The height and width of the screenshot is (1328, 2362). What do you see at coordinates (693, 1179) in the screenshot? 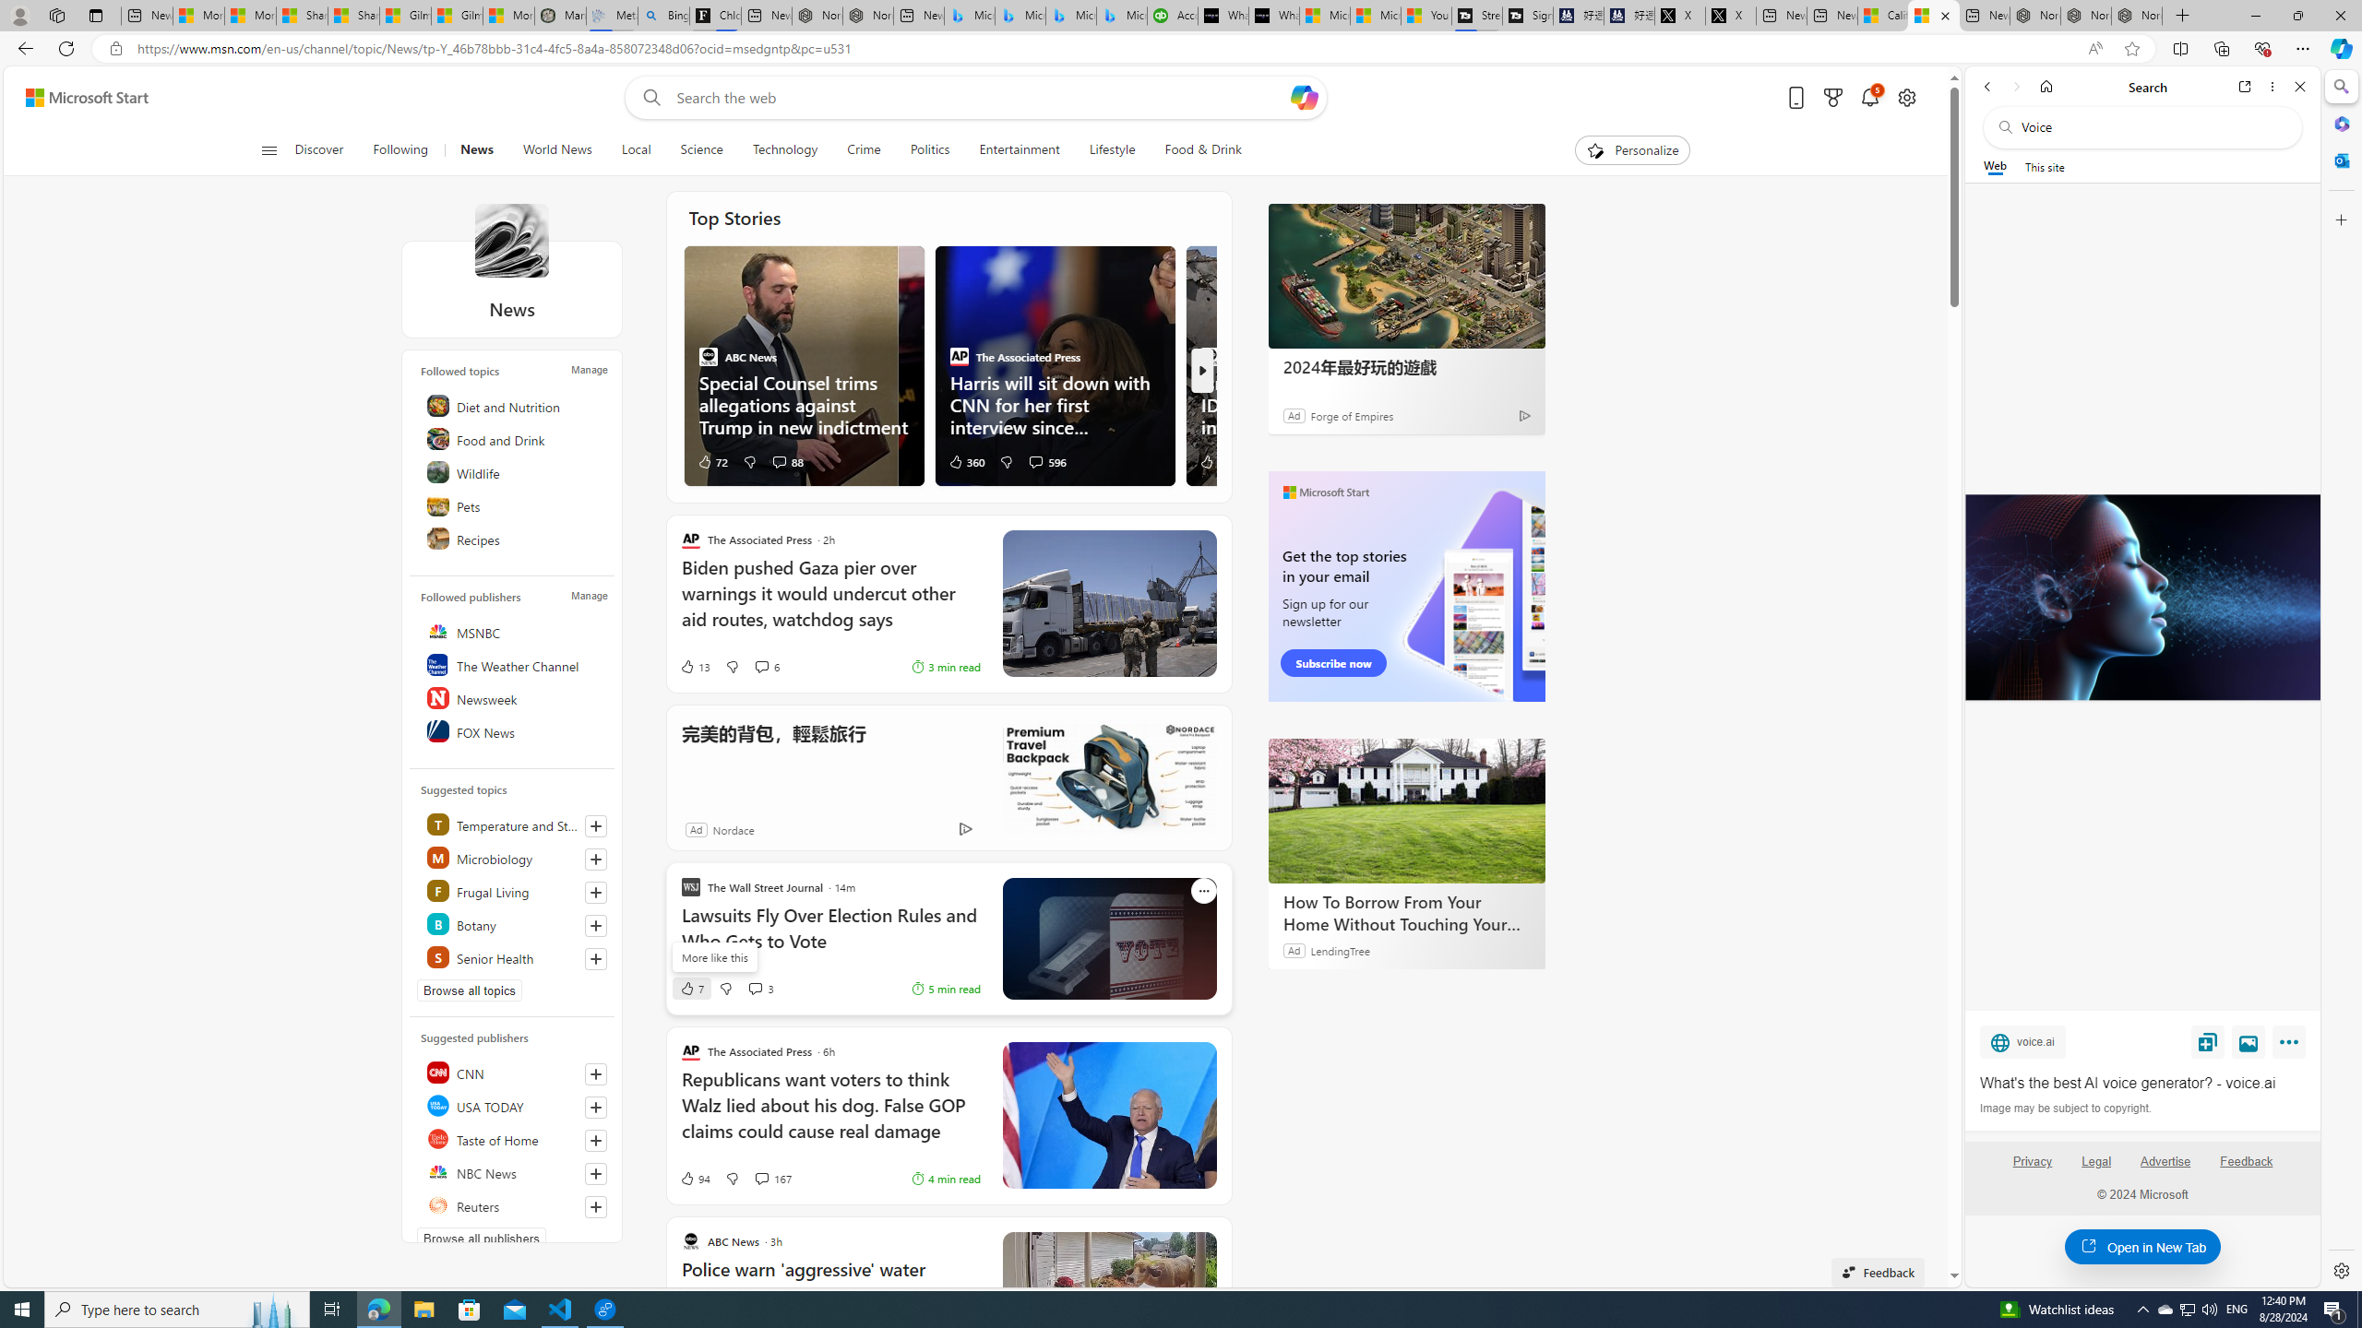
I see `'94 Like'` at bounding box center [693, 1179].